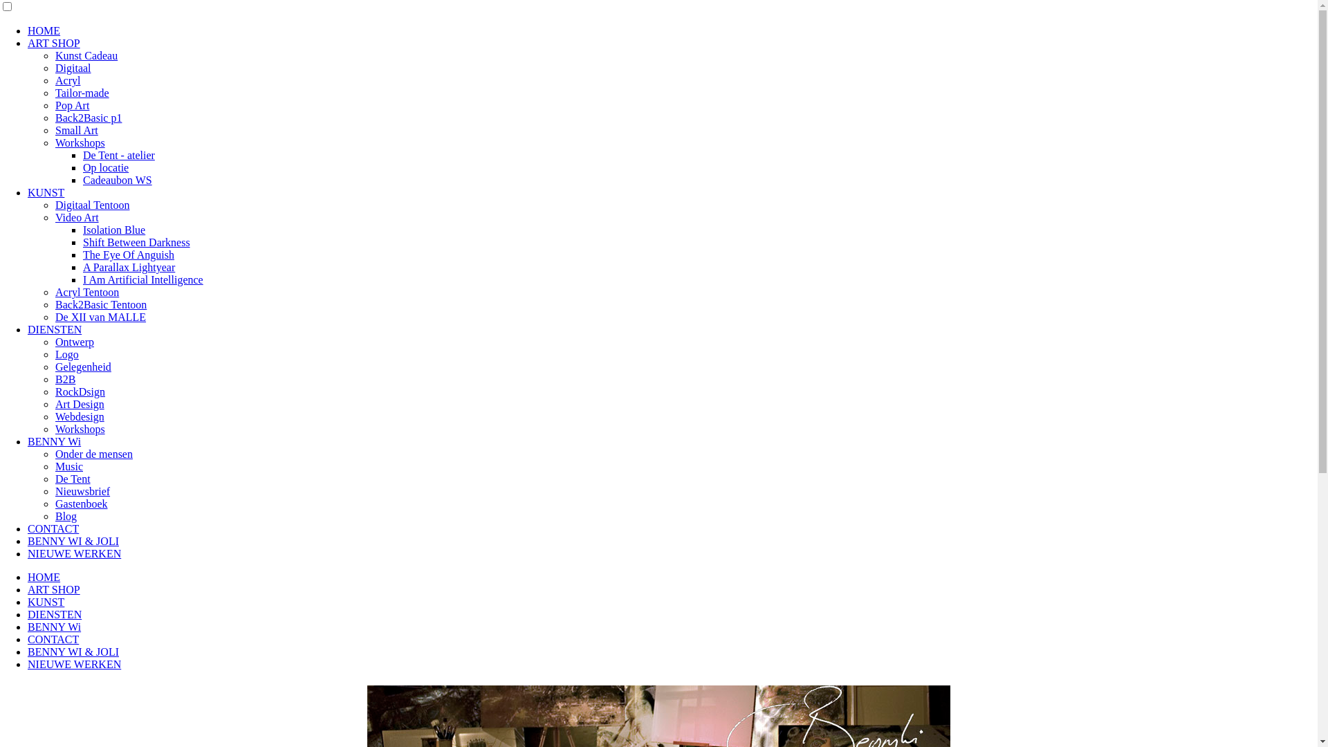  Describe the element at coordinates (93, 454) in the screenshot. I see `'Onder de mensen'` at that location.